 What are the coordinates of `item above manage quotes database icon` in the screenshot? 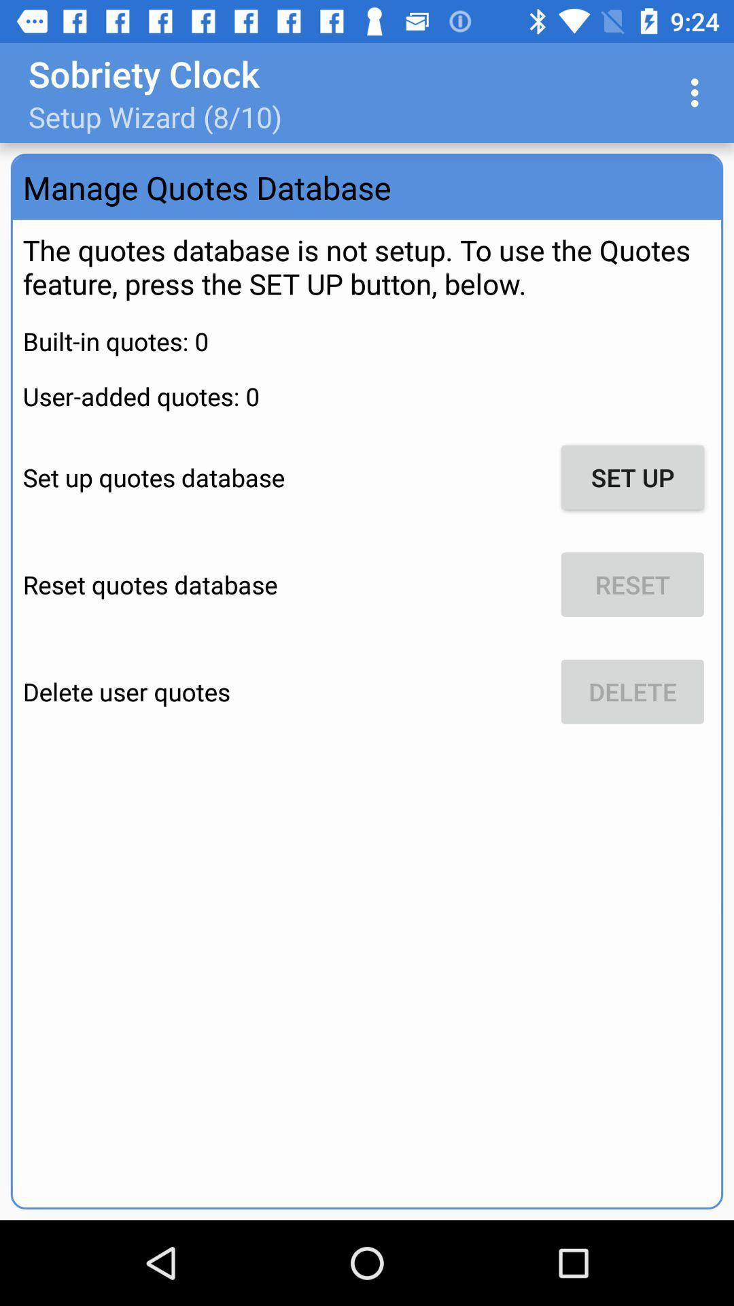 It's located at (698, 92).